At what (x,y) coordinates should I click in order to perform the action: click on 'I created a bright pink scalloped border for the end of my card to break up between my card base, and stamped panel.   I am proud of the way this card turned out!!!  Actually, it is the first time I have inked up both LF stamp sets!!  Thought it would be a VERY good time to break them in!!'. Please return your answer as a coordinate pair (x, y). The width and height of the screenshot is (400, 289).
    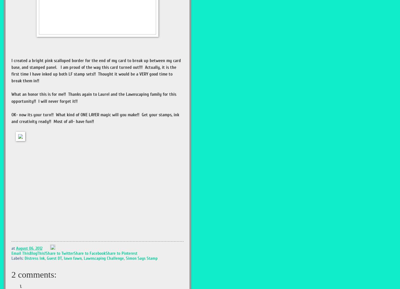
    Looking at the image, I should click on (96, 71).